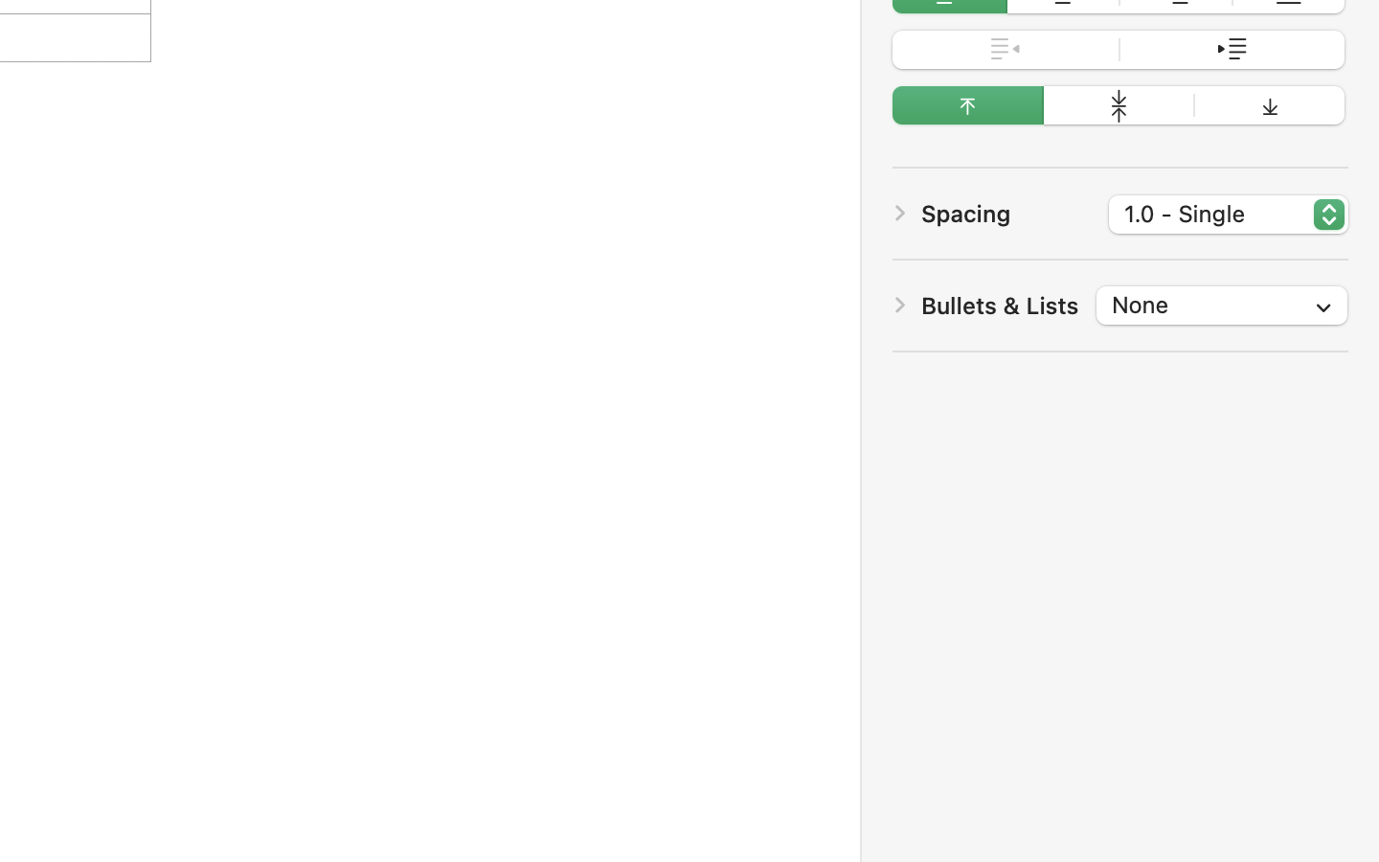  What do you see at coordinates (1000, 304) in the screenshot?
I see `'Bullets & Lists'` at bounding box center [1000, 304].